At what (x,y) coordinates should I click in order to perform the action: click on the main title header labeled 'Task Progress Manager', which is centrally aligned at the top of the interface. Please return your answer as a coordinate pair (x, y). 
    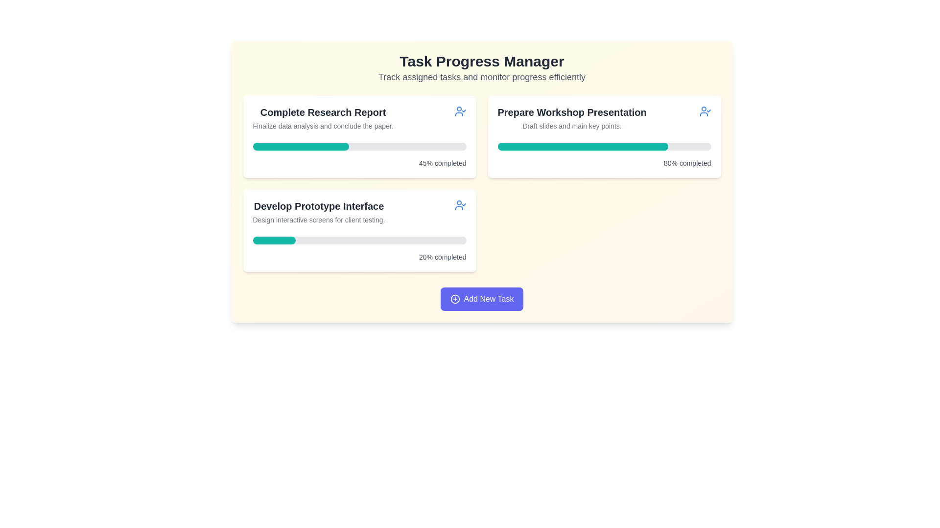
    Looking at the image, I should click on (482, 62).